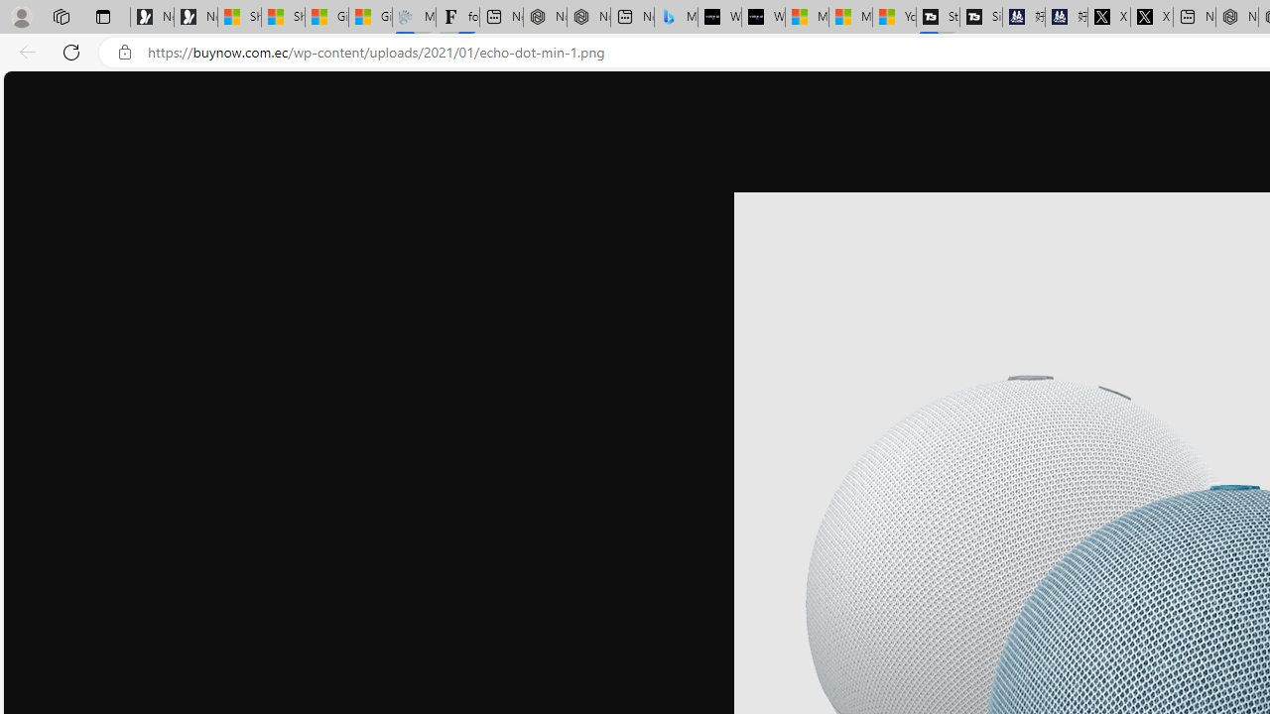 The width and height of the screenshot is (1270, 714). What do you see at coordinates (370, 17) in the screenshot?
I see `'Gilma and Hector both pose tropical trouble for Hawaii'` at bounding box center [370, 17].